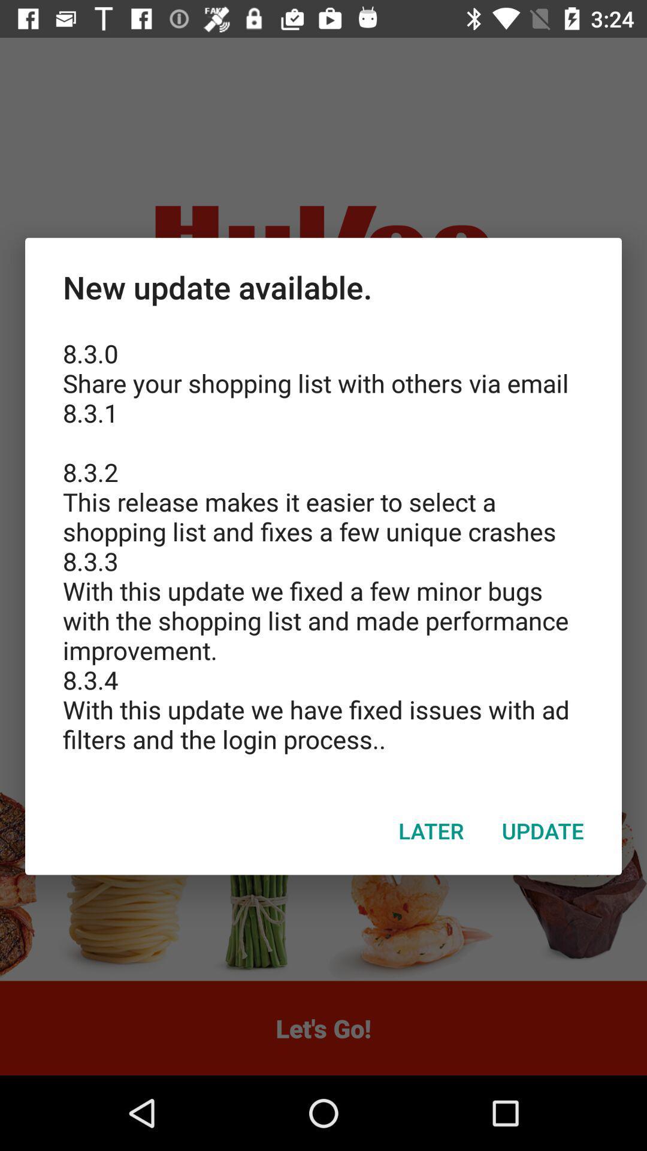  What do you see at coordinates (431, 830) in the screenshot?
I see `later item` at bounding box center [431, 830].